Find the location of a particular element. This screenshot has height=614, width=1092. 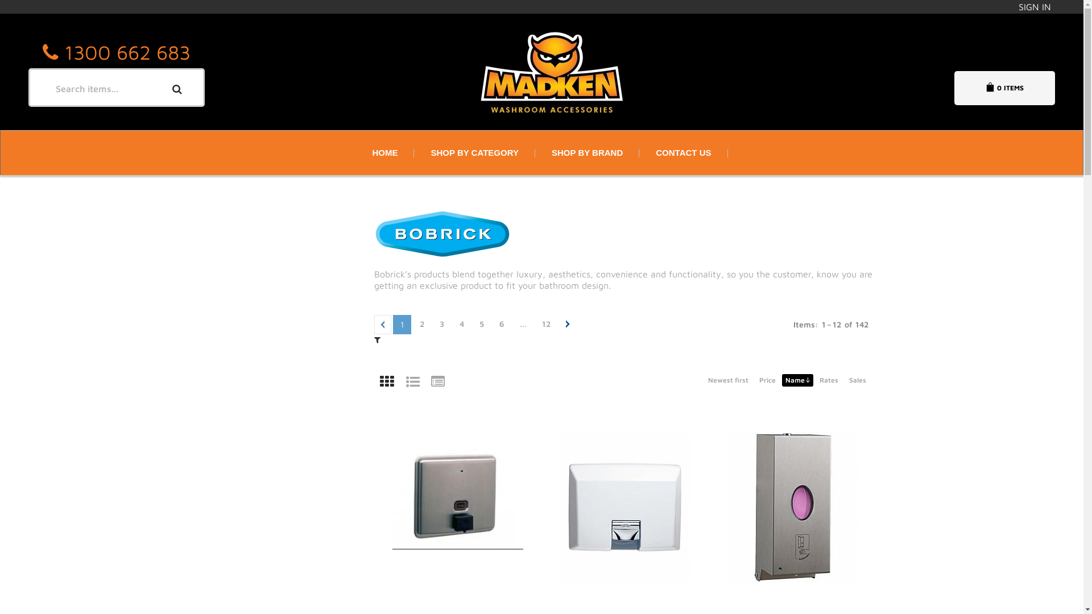

'6' is located at coordinates (501, 324).